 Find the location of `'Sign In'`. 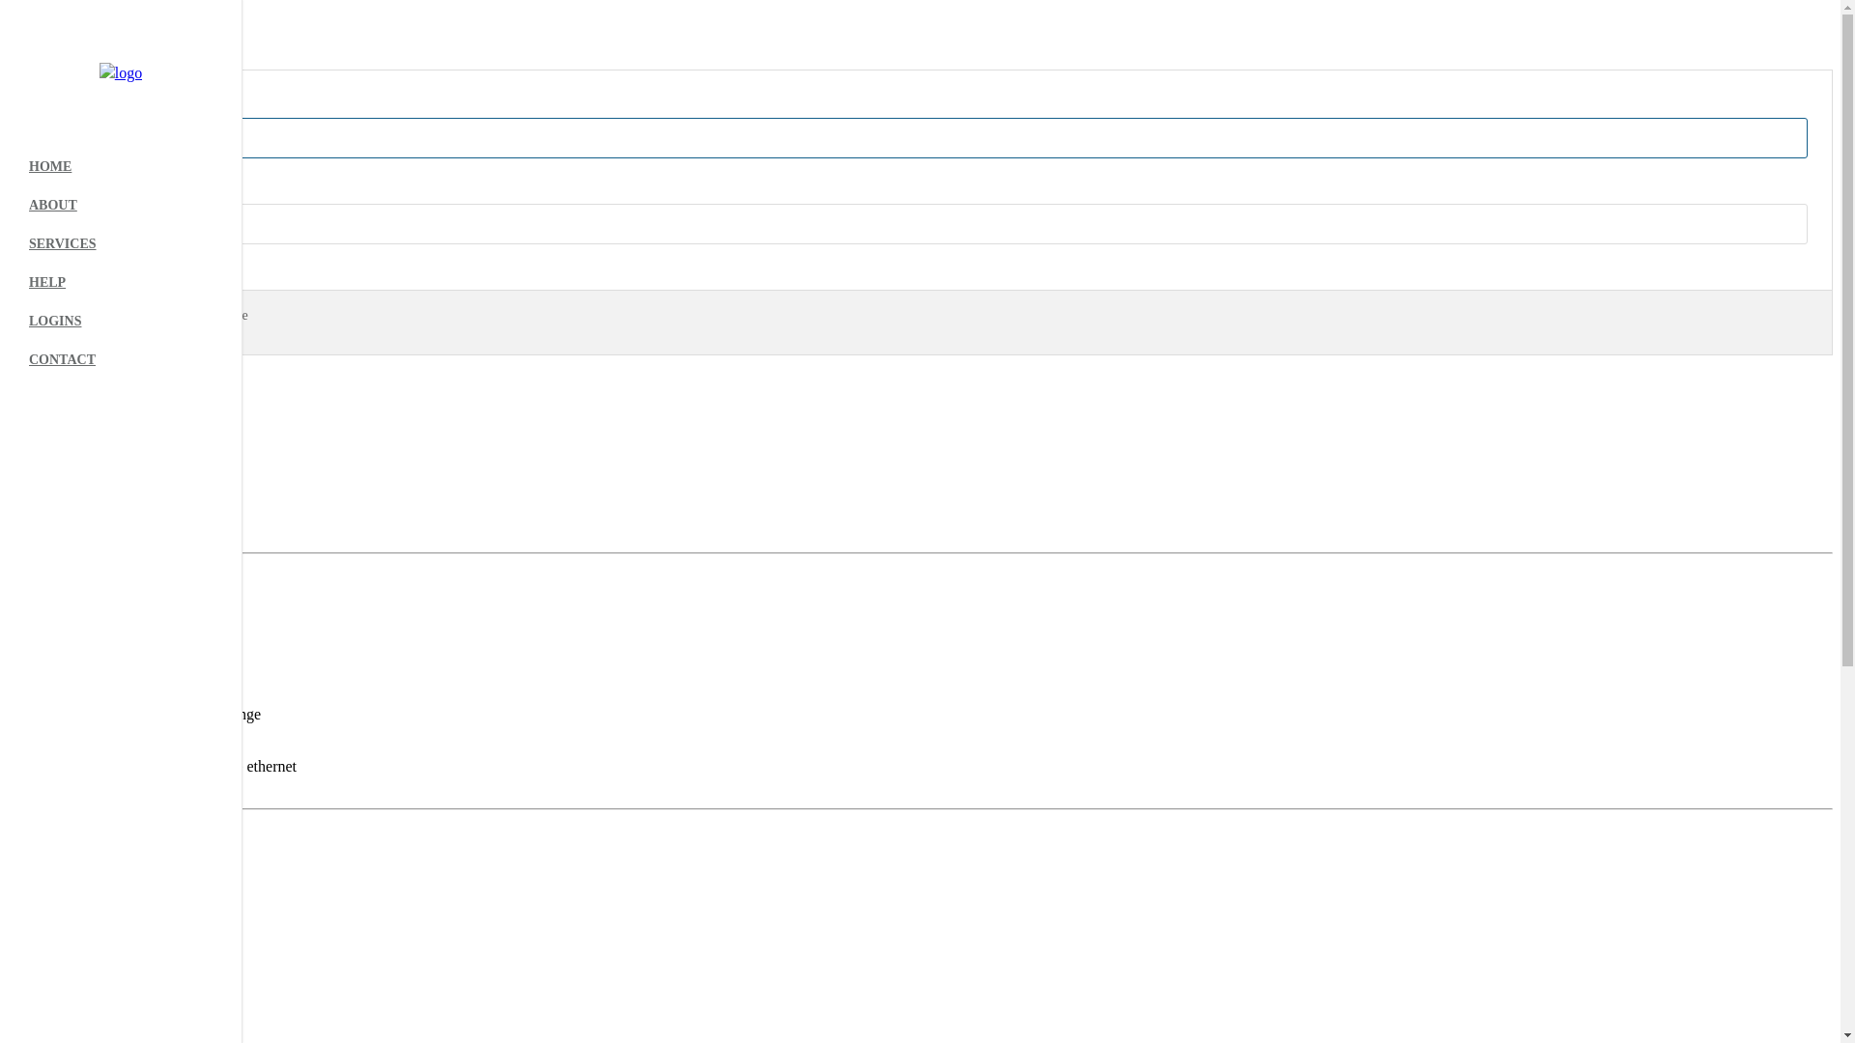

'Sign In' is located at coordinates (61, 320).